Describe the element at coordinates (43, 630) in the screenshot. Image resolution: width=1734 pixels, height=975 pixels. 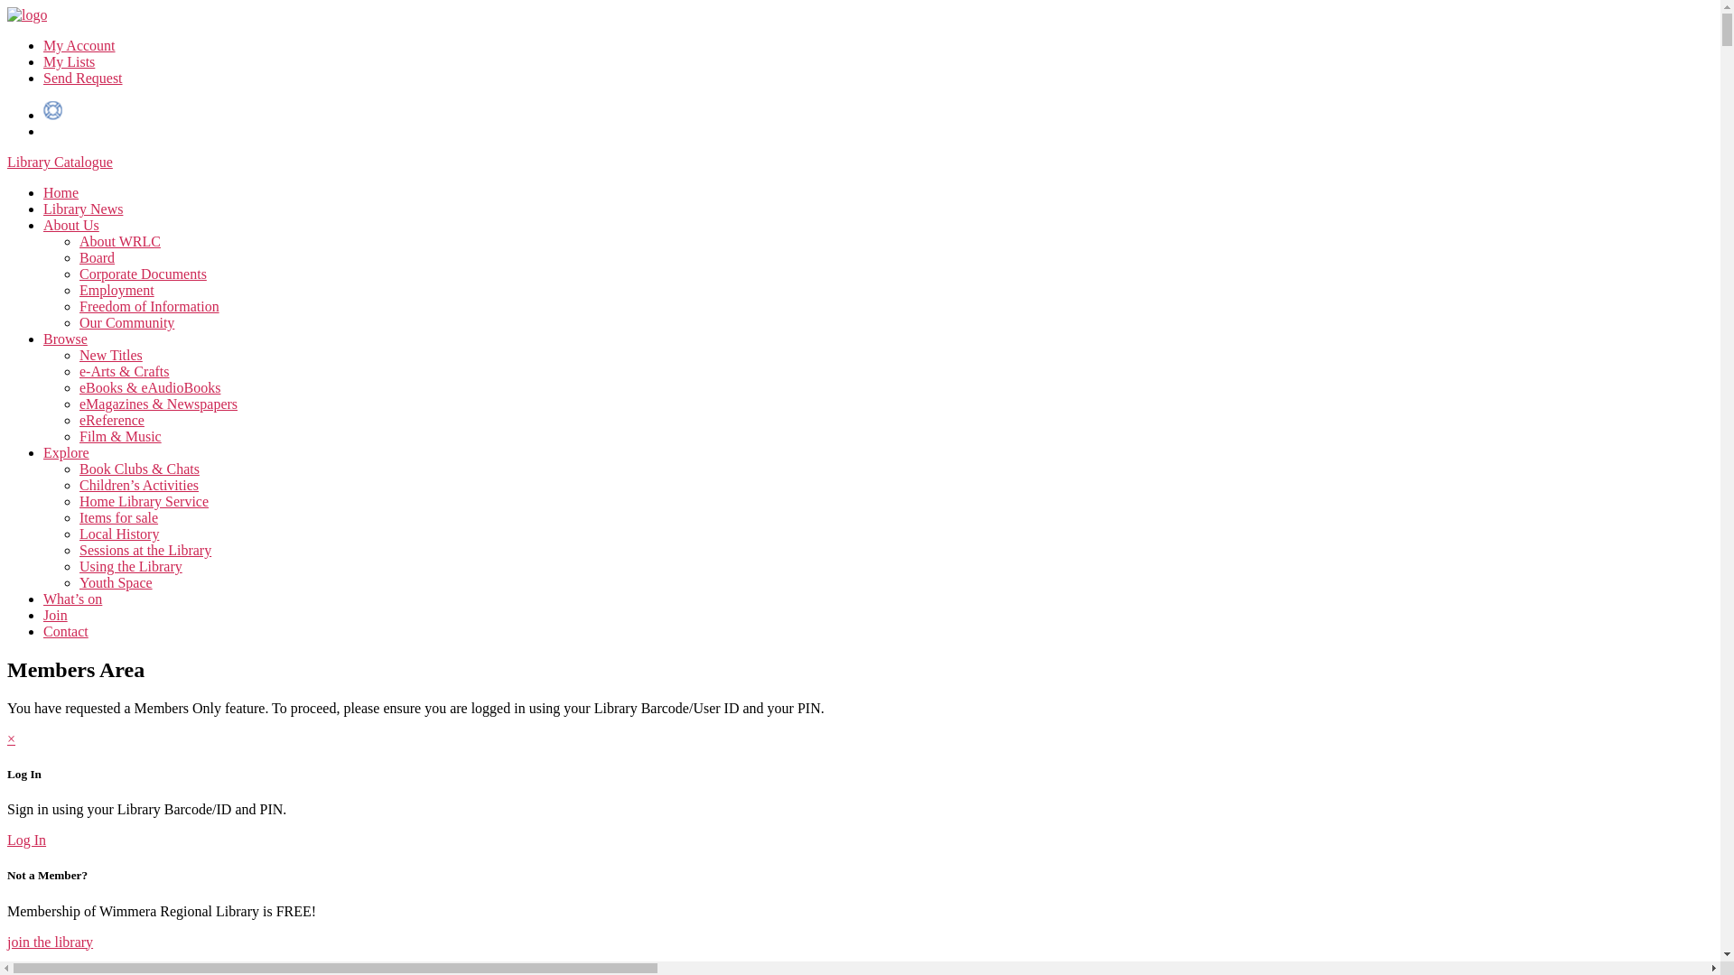
I see `'Contact'` at that location.